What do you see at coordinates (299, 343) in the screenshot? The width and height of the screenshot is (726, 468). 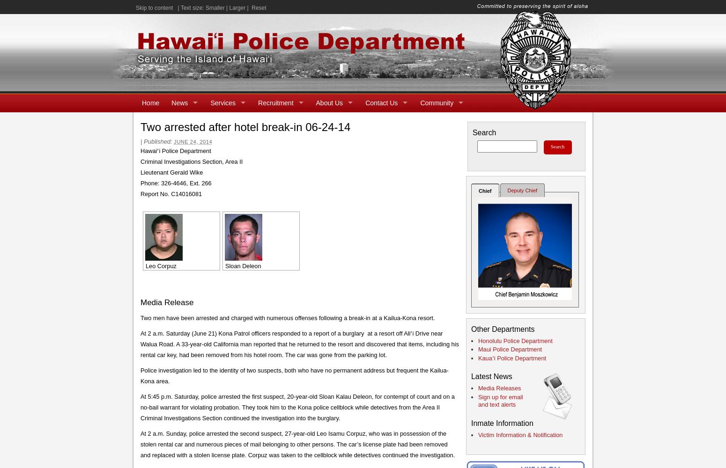 I see `'At 2 a.m. Saturday (June 21) Kona Patrol officers responded to a report of a burglary  at a resort off Aliʻi Drive near Walua Road. A 33-year-old California man reported that he returned to the resort and discovered that items, including his rental car key, had been removed from his hotel room. The car was gone from the parking lot.'` at bounding box center [299, 343].